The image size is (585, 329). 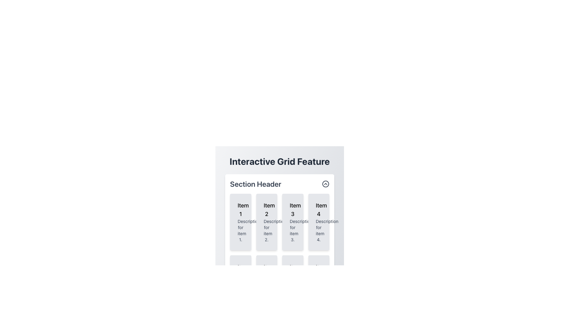 I want to click on the display card for 'Item 2', located in the first row and second column of the grid layout, between 'Item 1' and 'Item 3' in the 'Interactive Grid Feature' section, so click(x=267, y=222).